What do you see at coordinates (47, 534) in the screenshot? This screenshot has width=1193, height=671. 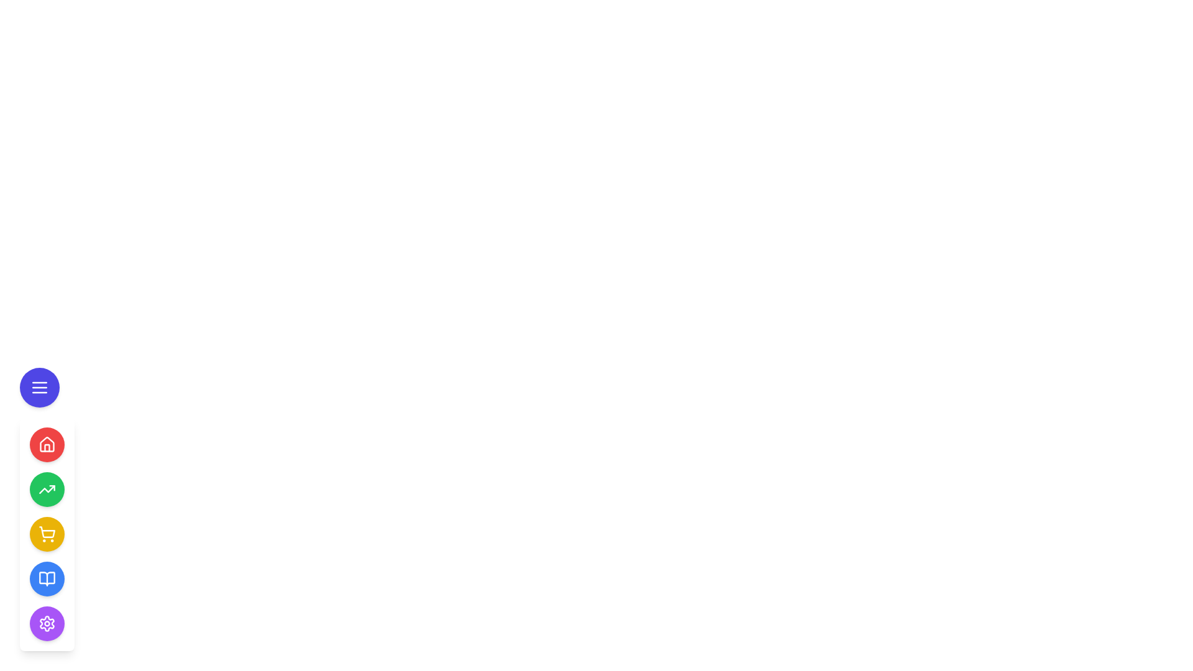 I see `the shopping cart icon located in the third circular button of the vertical navigation menu on the left side of the interface` at bounding box center [47, 534].